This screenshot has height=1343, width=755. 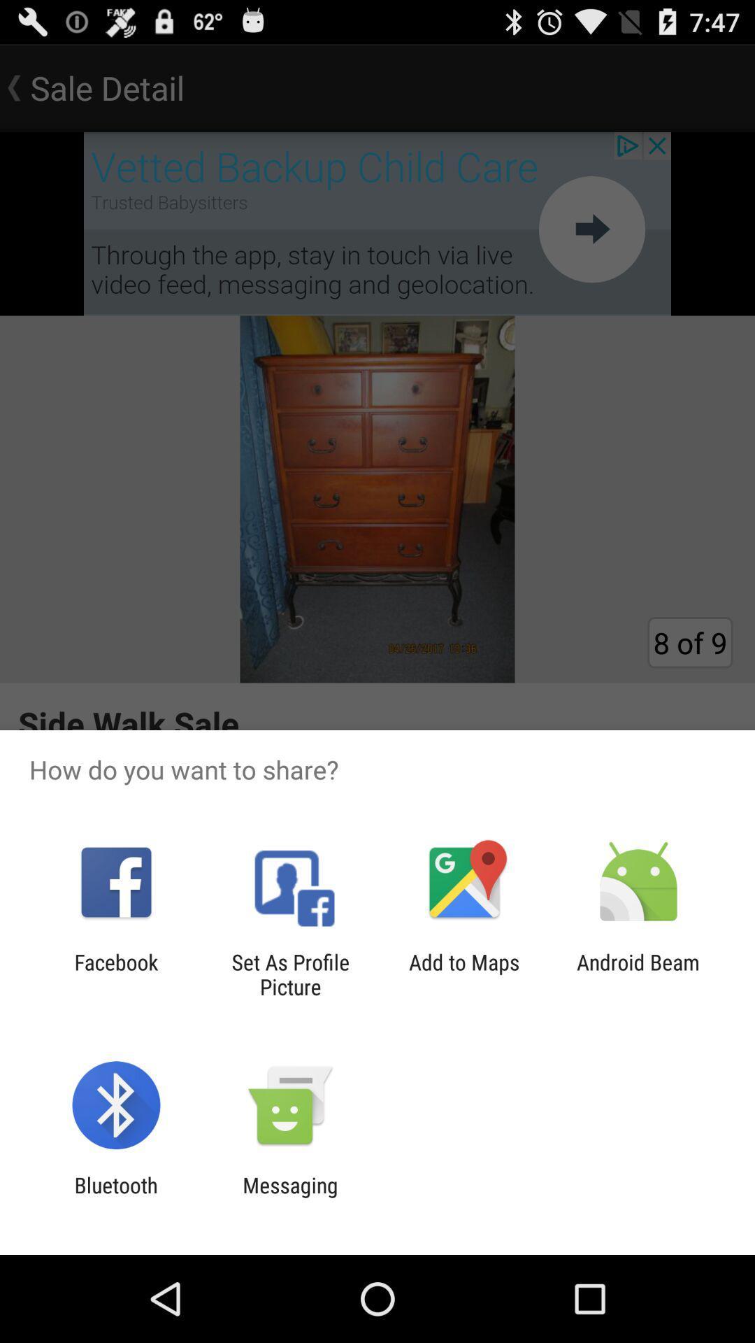 What do you see at coordinates (115, 1197) in the screenshot?
I see `bluetooth` at bounding box center [115, 1197].